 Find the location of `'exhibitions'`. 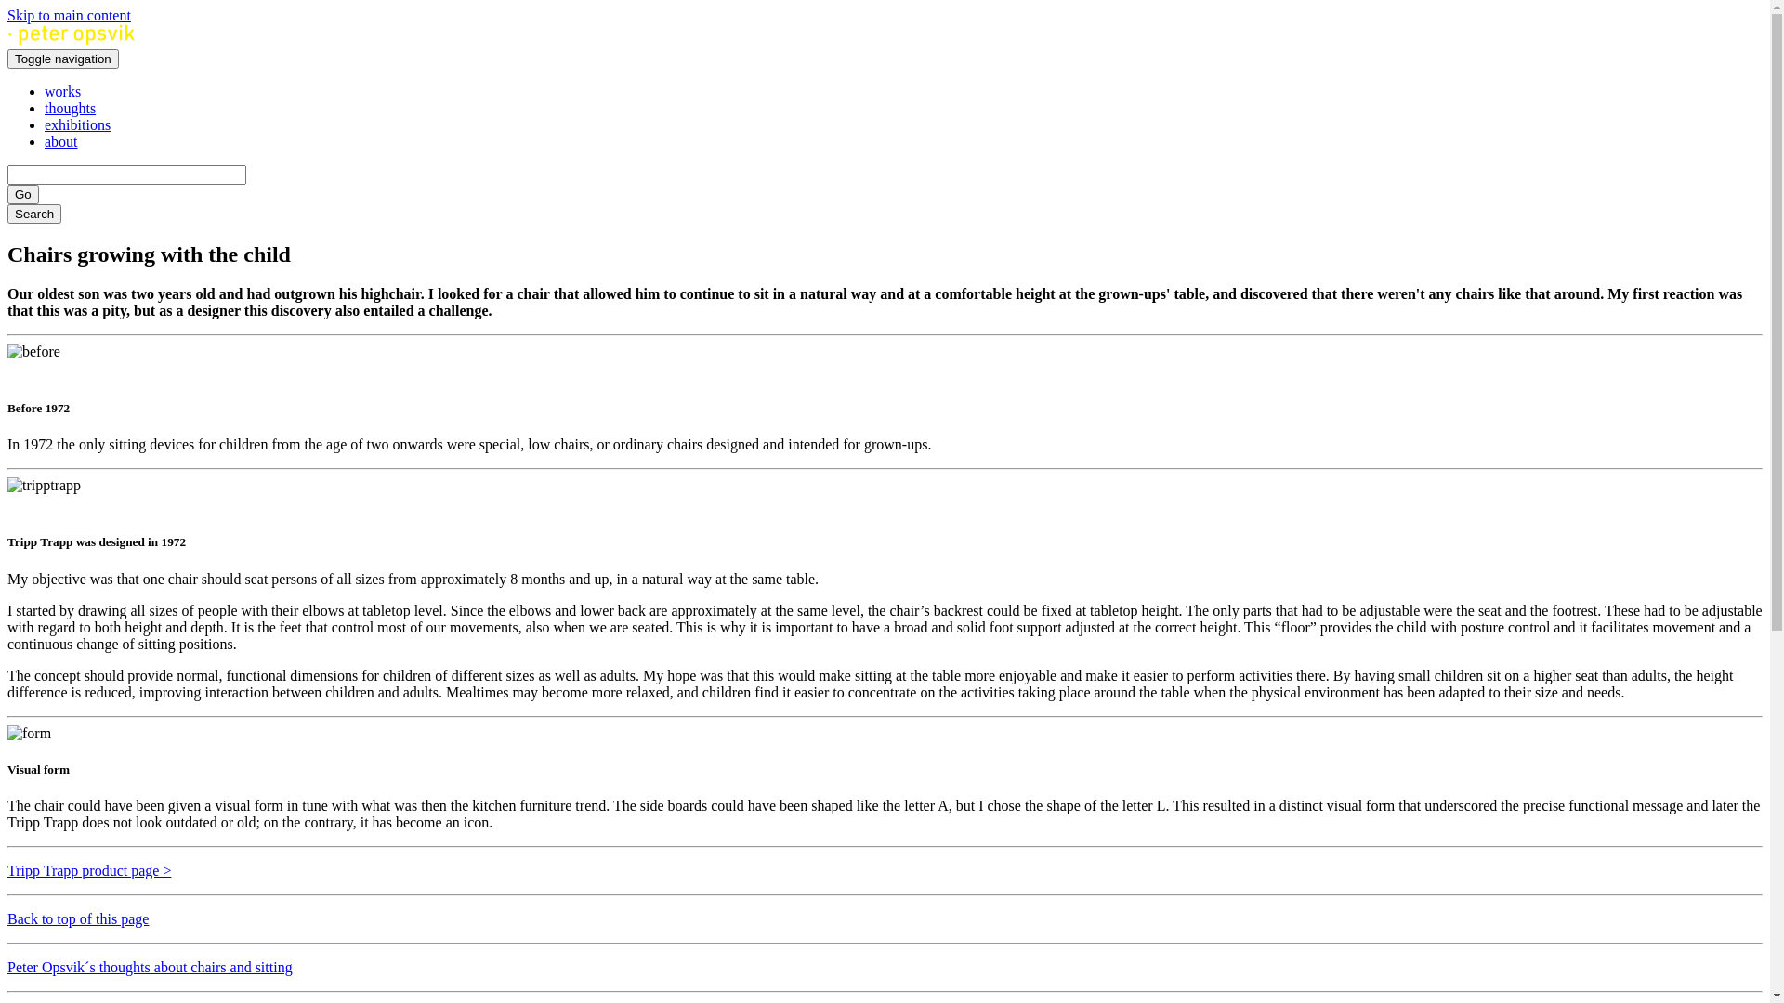

'exhibitions' is located at coordinates (76, 124).